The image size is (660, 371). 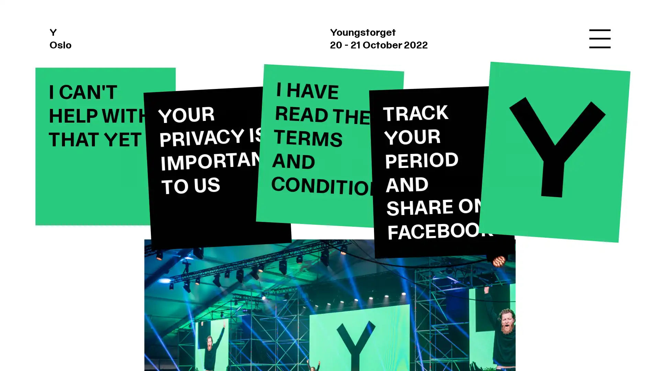 I want to click on I CAN'T HELP WITH THAT YET, so click(x=105, y=146).